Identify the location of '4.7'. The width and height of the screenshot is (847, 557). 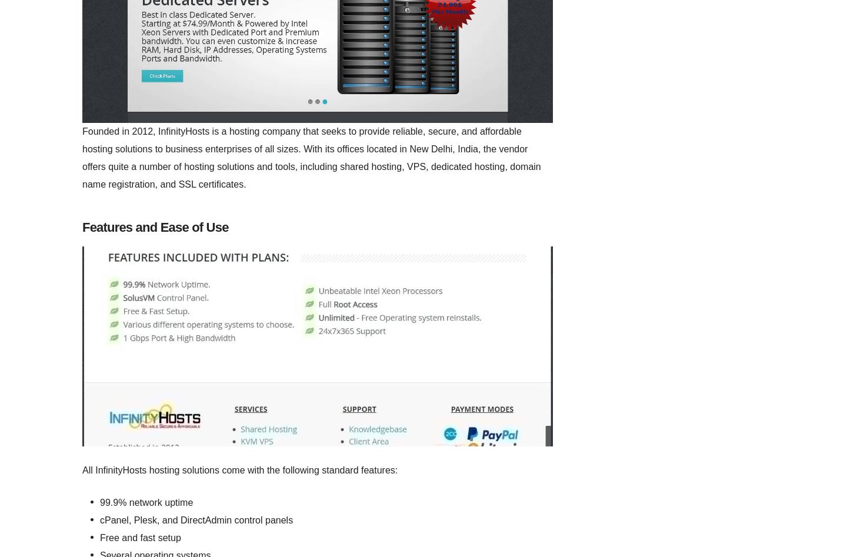
(378, 292).